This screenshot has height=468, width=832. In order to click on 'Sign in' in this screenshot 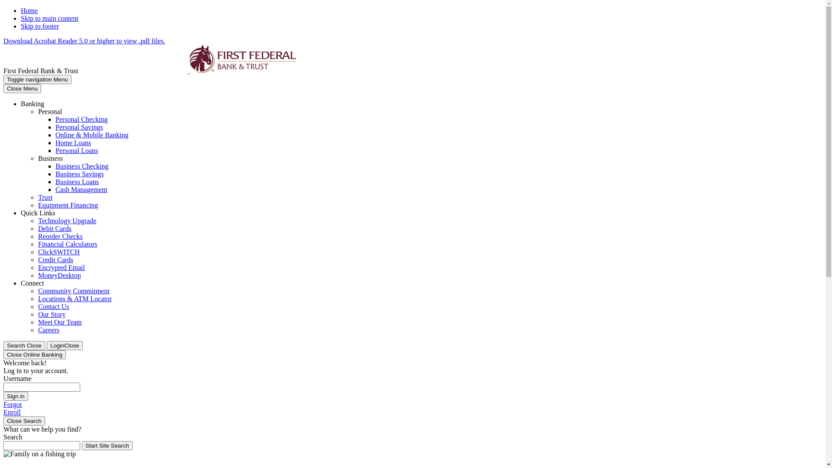, I will do `click(16, 396)`.